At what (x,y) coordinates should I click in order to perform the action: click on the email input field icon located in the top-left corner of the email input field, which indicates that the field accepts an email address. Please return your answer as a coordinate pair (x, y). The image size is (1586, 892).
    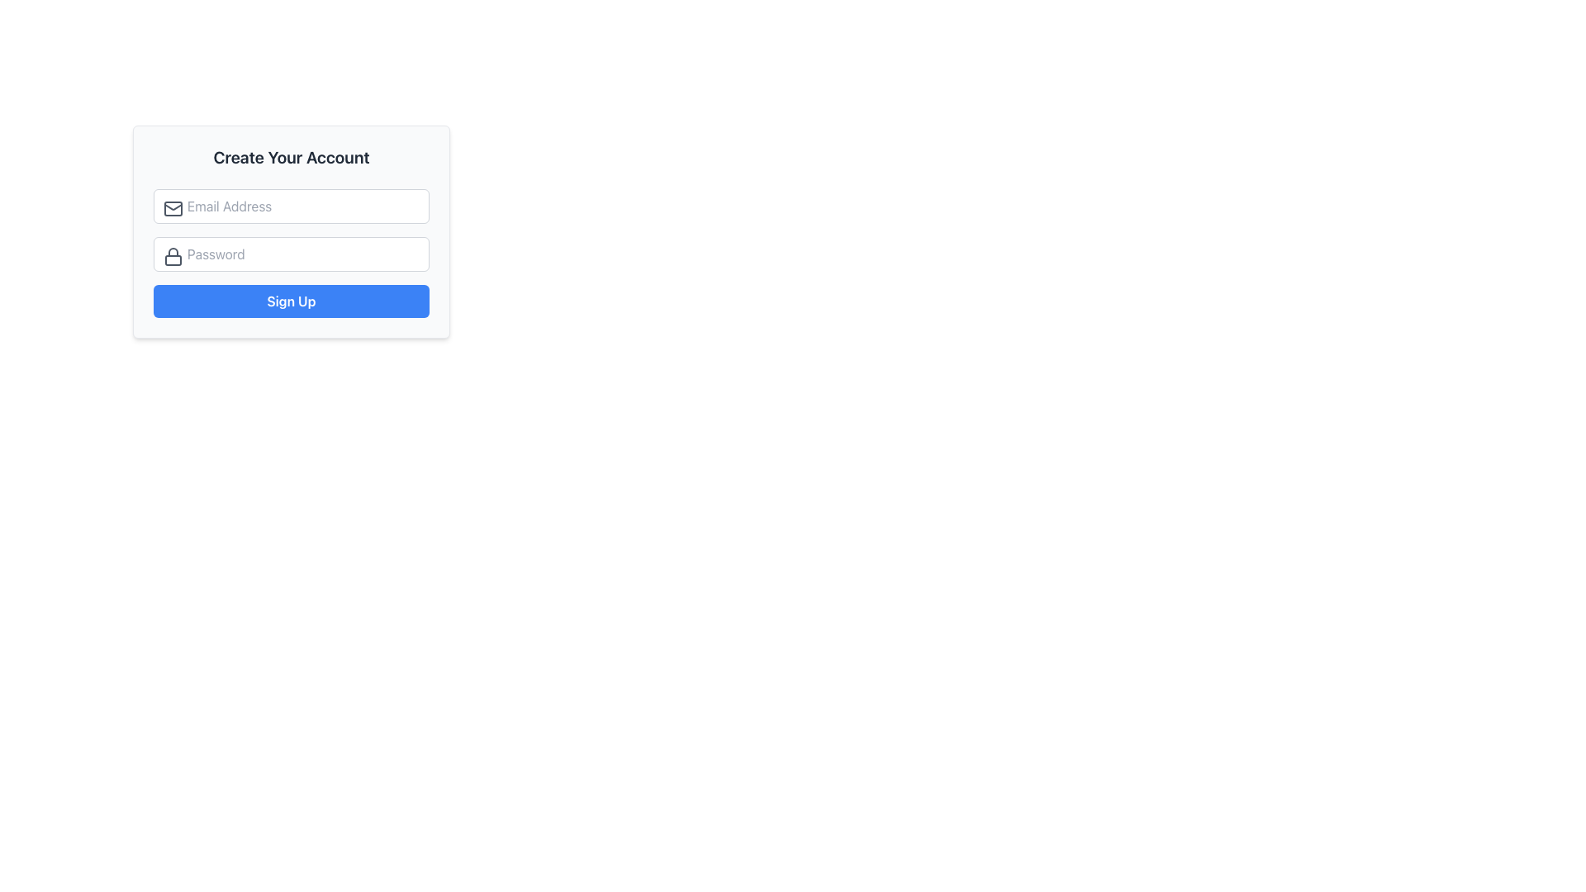
    Looking at the image, I should click on (173, 208).